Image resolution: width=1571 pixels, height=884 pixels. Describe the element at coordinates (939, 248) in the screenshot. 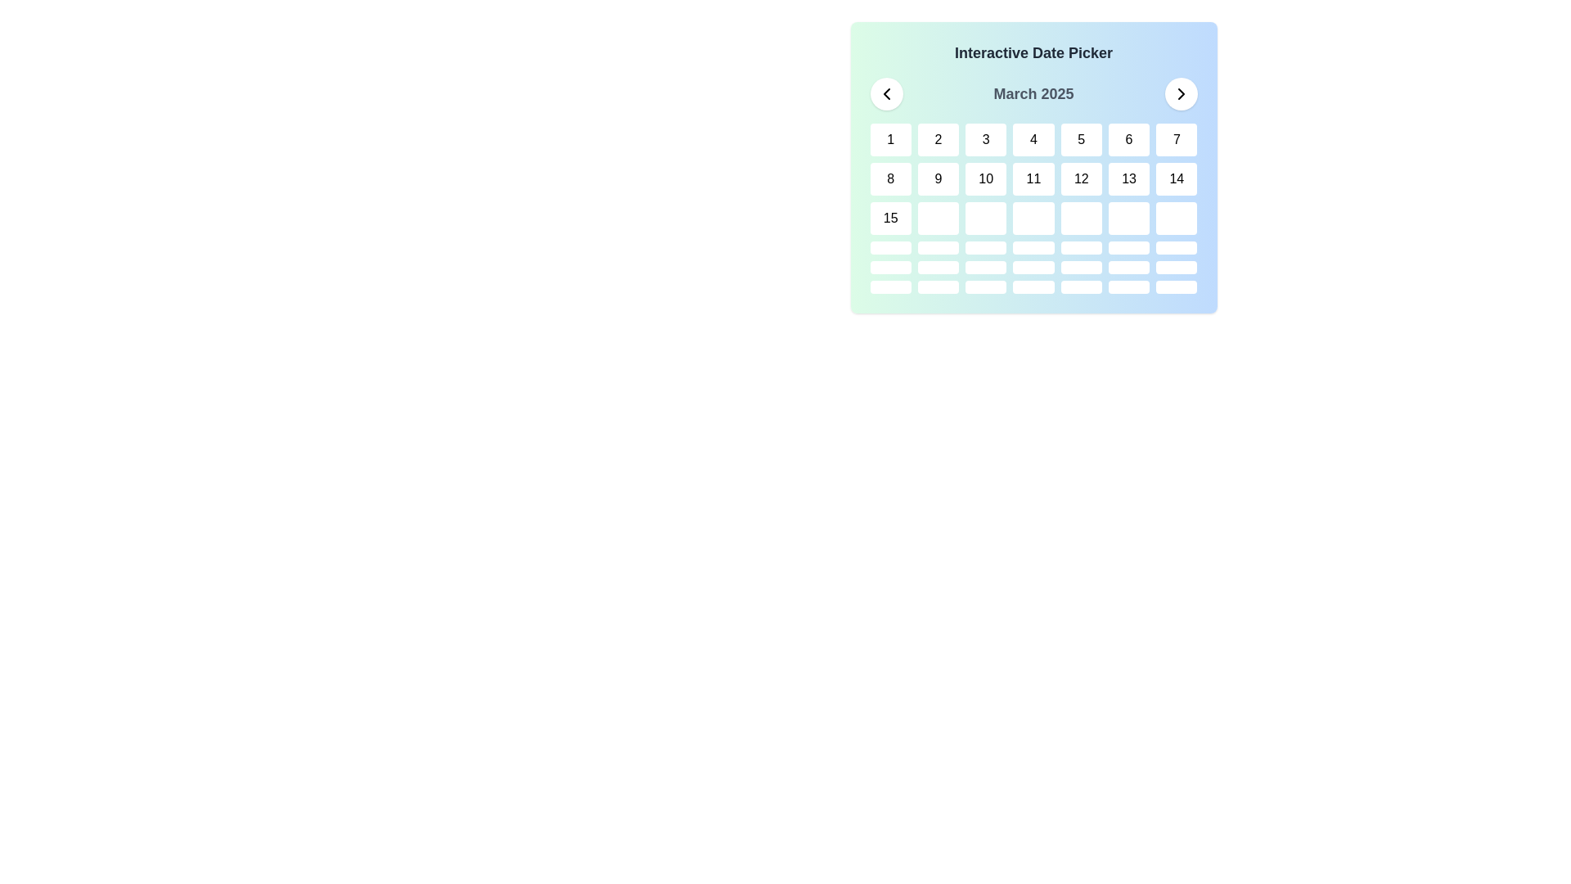

I see `the small rectangular button with rounded edges located` at that location.